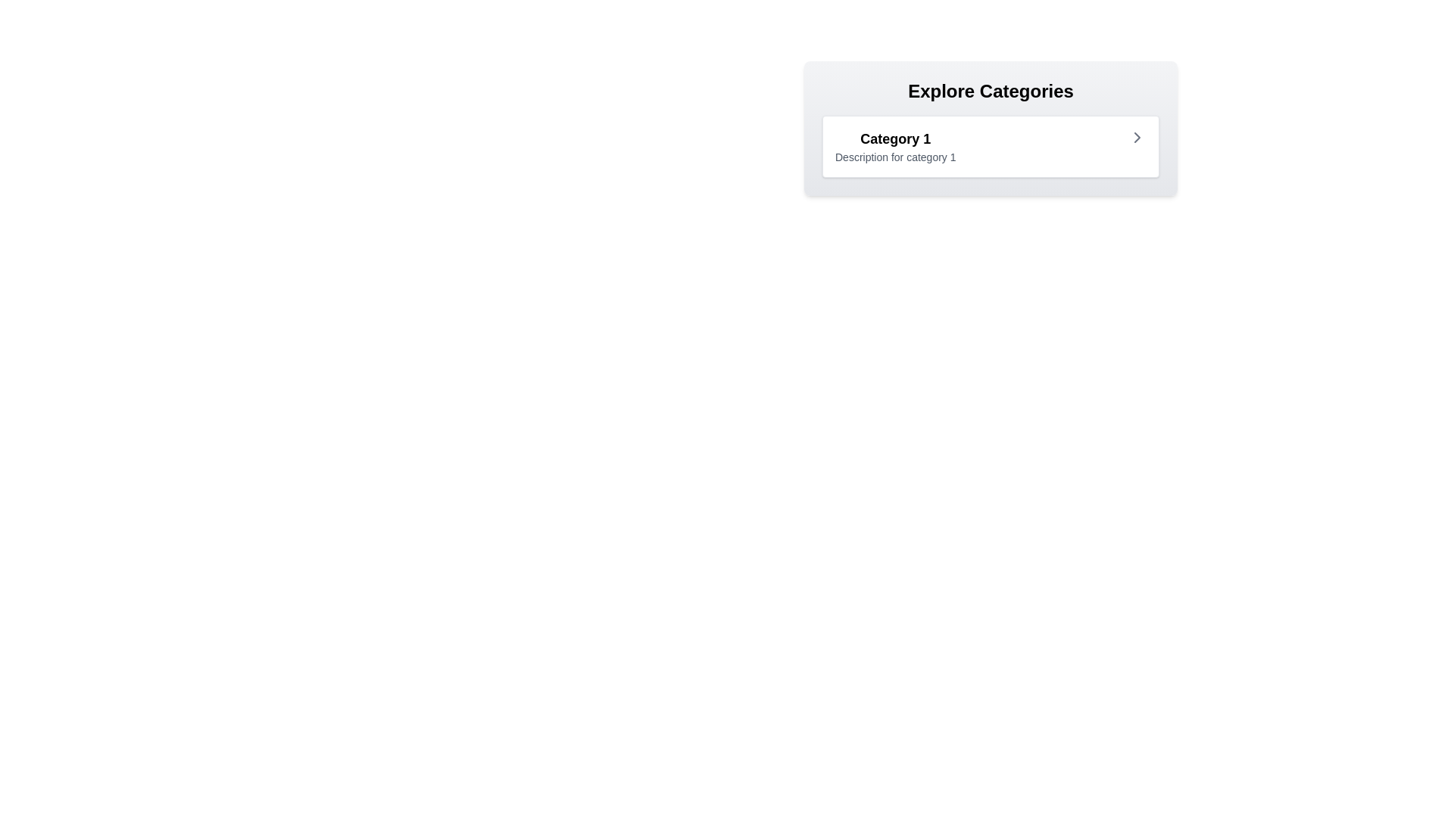 The height and width of the screenshot is (817, 1454). Describe the element at coordinates (1137, 137) in the screenshot. I see `the navigation icon located at the far right of the 'Category 1' card` at that location.